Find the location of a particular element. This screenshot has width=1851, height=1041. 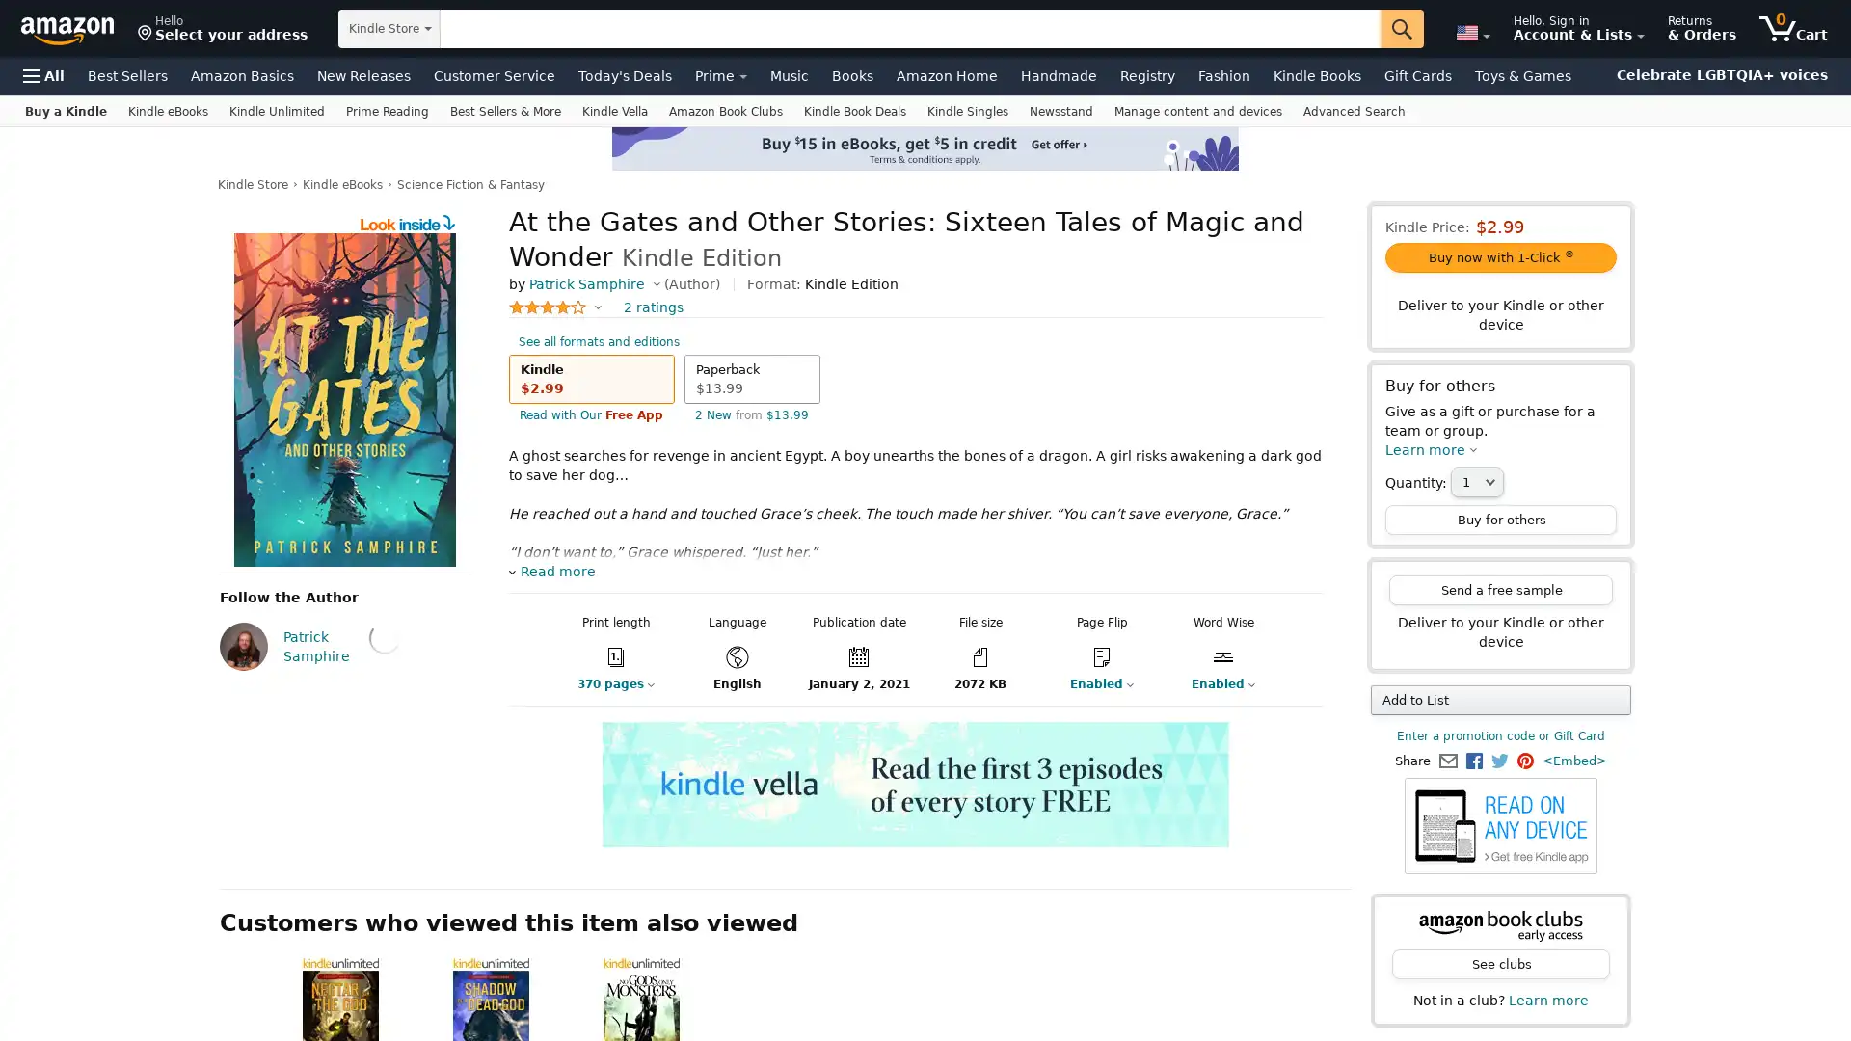

Learn more is located at coordinates (1431, 449).